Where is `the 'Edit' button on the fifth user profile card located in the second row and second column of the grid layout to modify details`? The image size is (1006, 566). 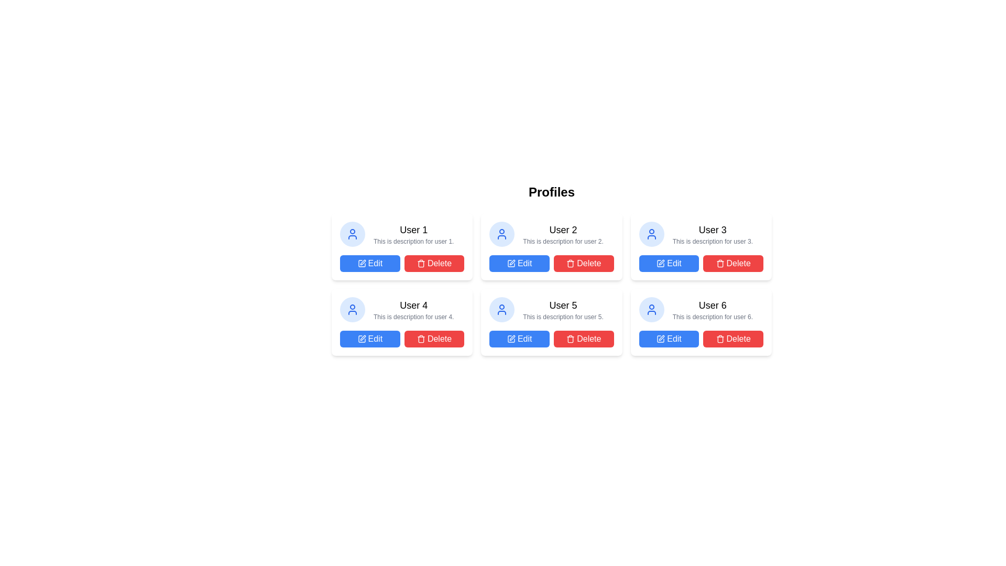
the 'Edit' button on the fifth user profile card located in the second row and second column of the grid layout to modify details is located at coordinates (551, 321).